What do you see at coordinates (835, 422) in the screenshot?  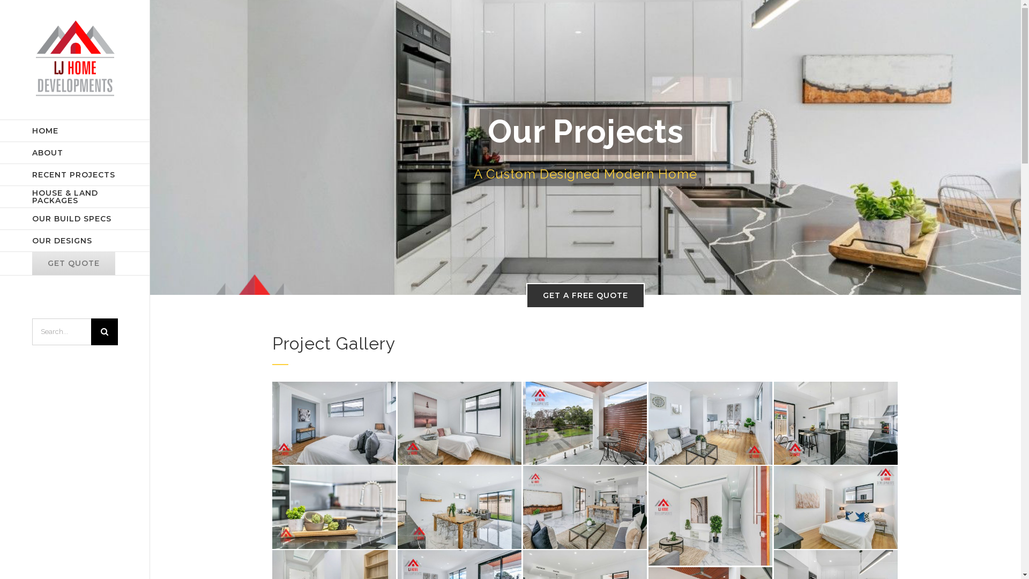 I see `'3'` at bounding box center [835, 422].